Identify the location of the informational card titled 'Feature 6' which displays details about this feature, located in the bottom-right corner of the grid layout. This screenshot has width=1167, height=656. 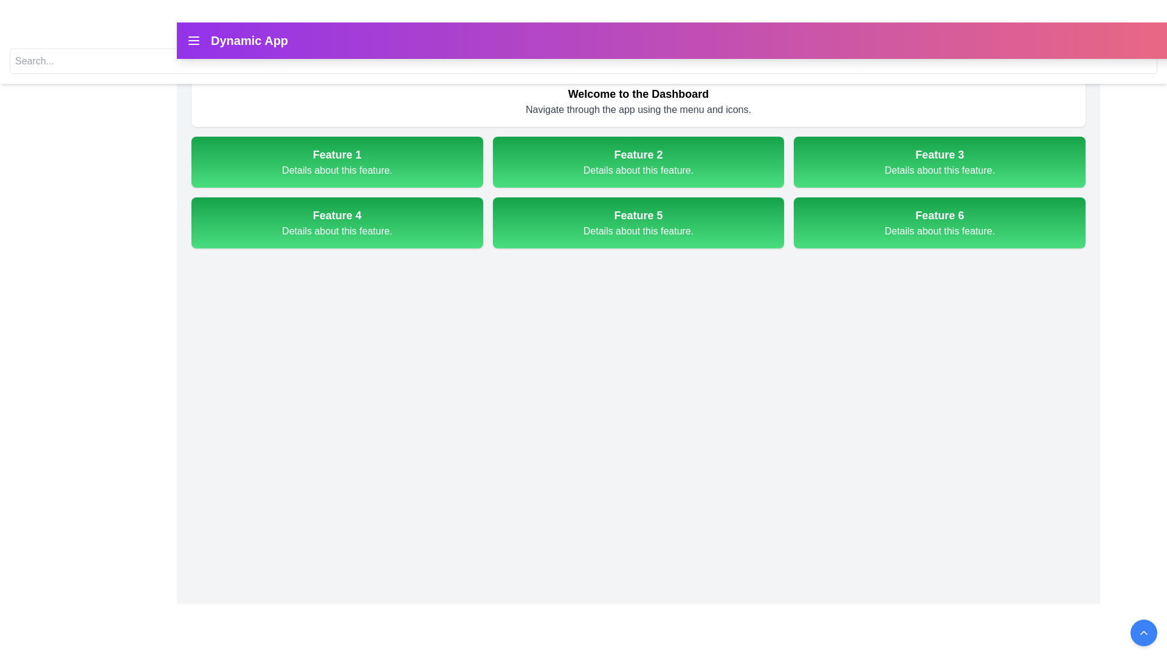
(939, 222).